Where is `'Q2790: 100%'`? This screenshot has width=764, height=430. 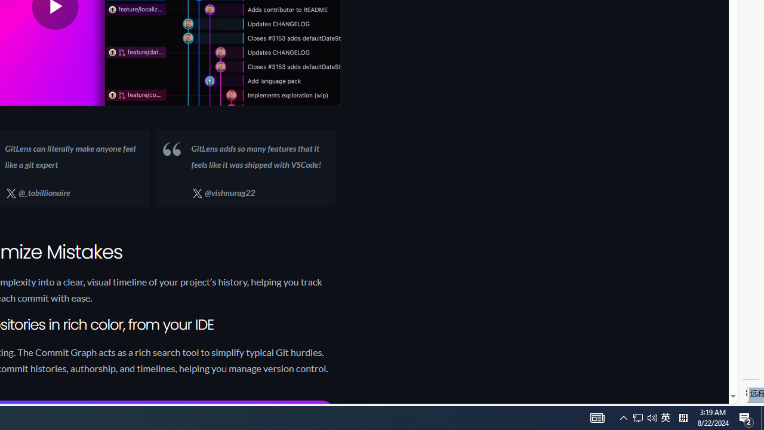 'Q2790: 100%' is located at coordinates (652, 417).